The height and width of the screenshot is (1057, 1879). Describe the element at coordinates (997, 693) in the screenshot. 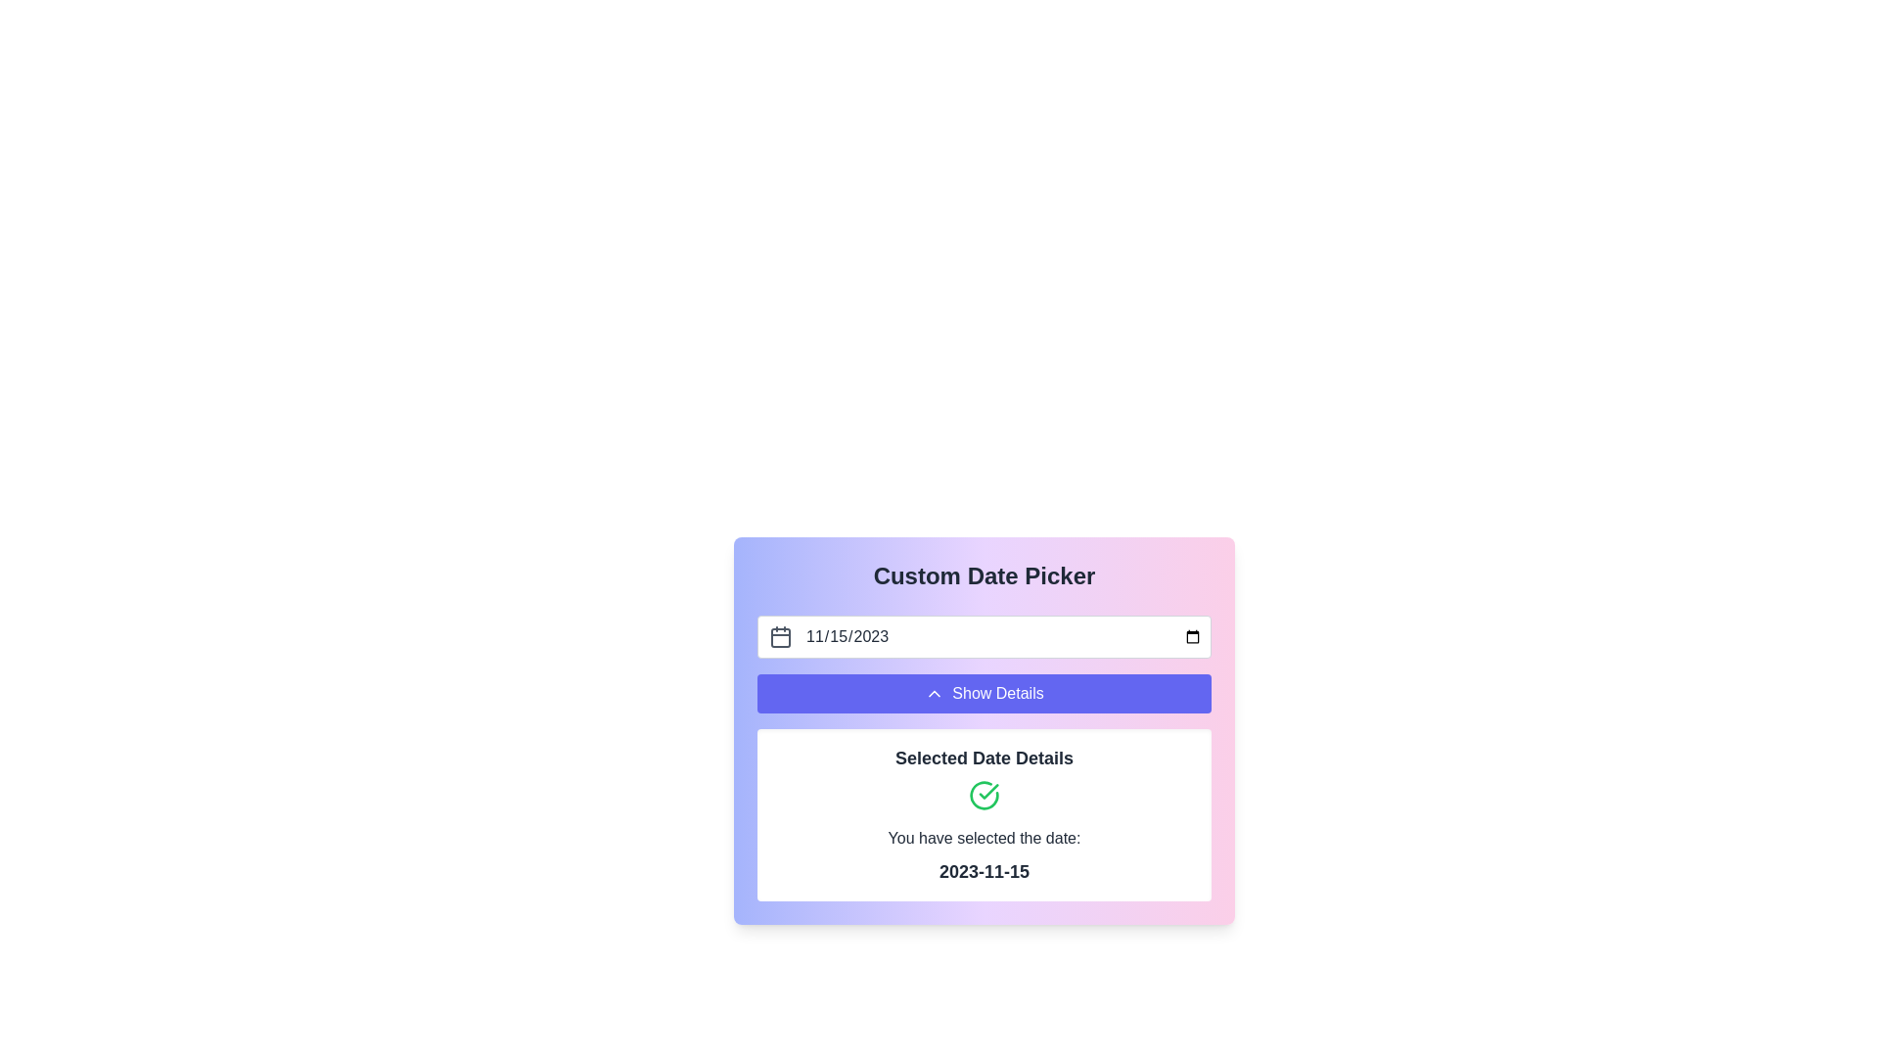

I see `the purple button containing the text label` at that location.